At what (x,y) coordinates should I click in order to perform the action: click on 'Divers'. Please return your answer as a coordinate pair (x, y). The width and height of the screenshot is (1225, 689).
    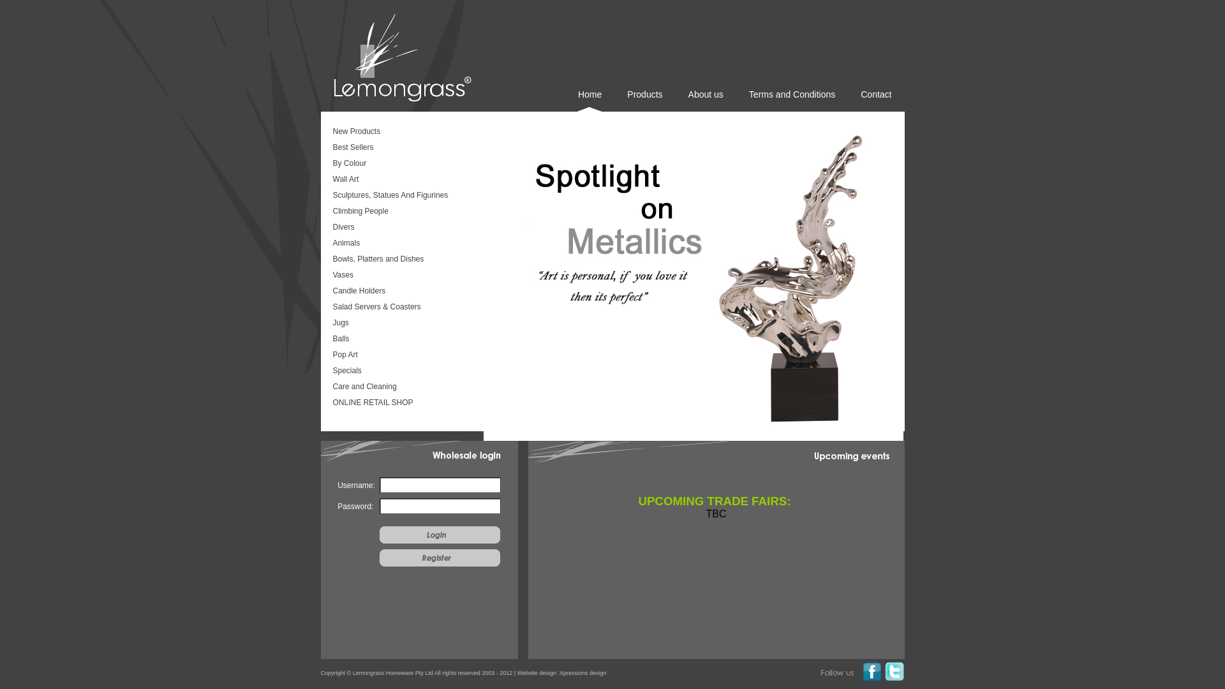
    Looking at the image, I should click on (400, 228).